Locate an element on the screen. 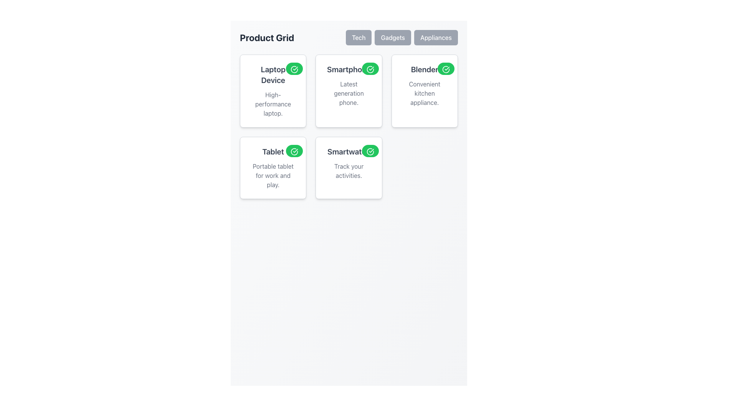 The height and width of the screenshot is (415, 737). the descriptive text label for the product 'Smartwatch' located below the heading in the card is located at coordinates (348, 170).